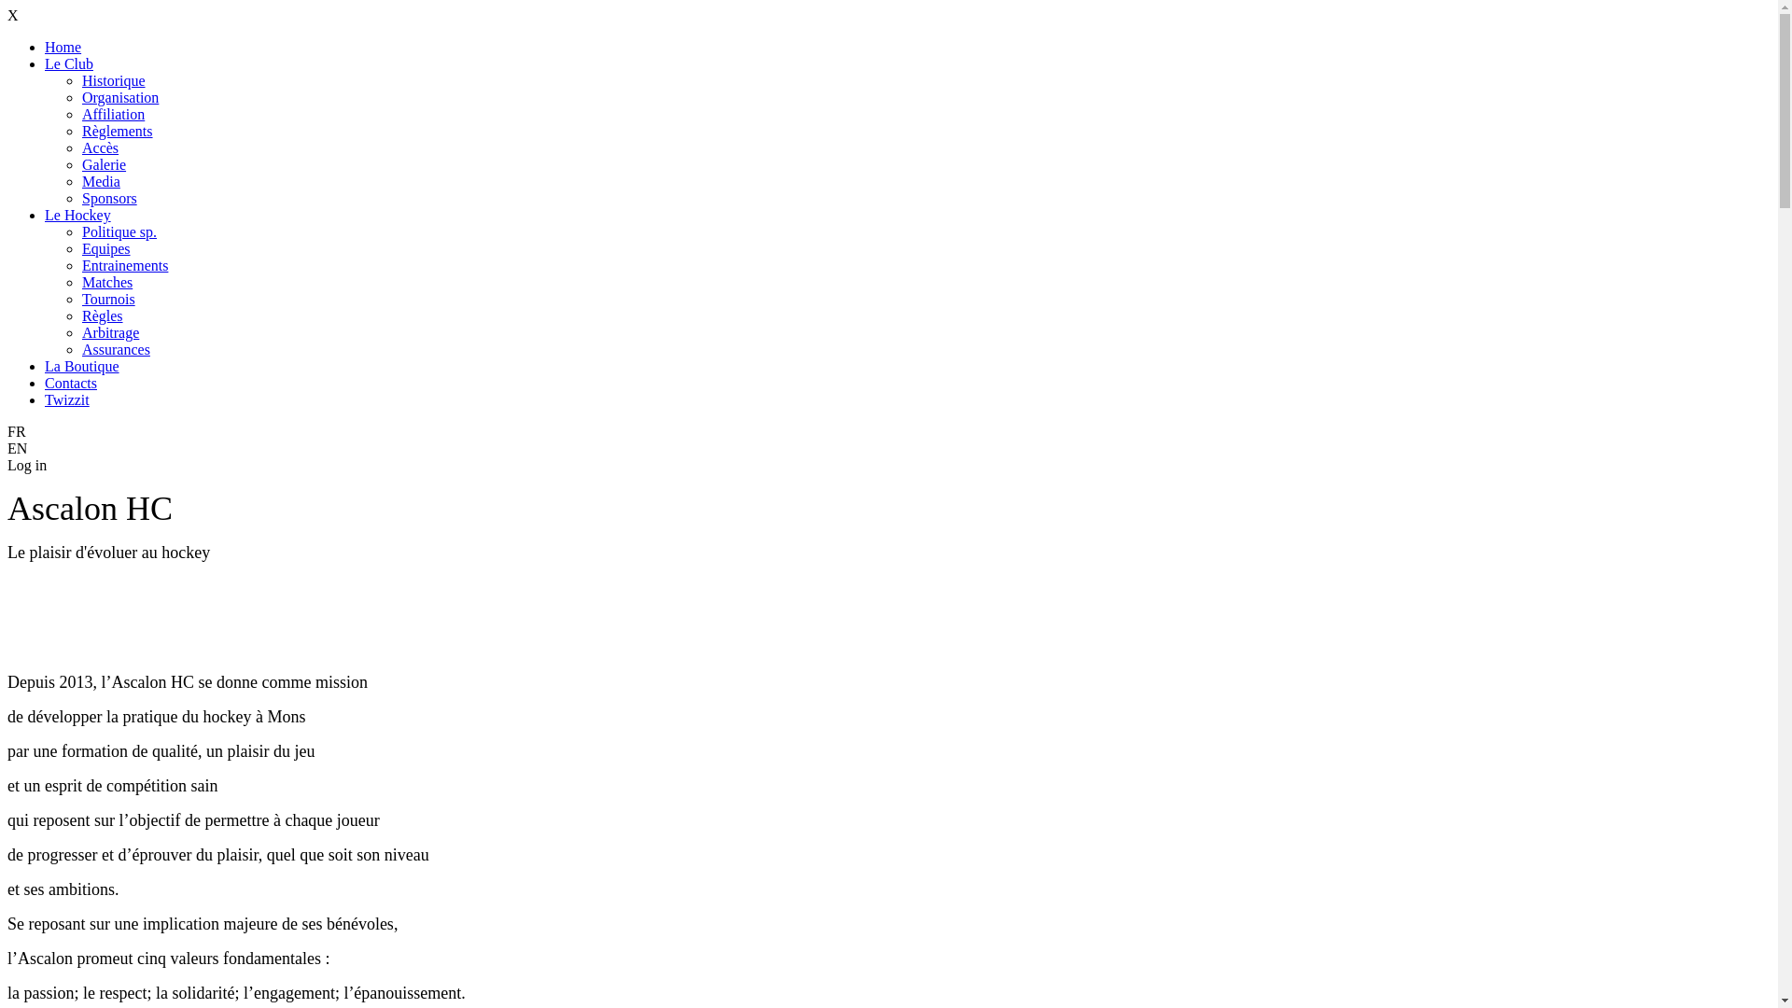 This screenshot has height=1008, width=1792. I want to click on 'Assurances', so click(115, 349).